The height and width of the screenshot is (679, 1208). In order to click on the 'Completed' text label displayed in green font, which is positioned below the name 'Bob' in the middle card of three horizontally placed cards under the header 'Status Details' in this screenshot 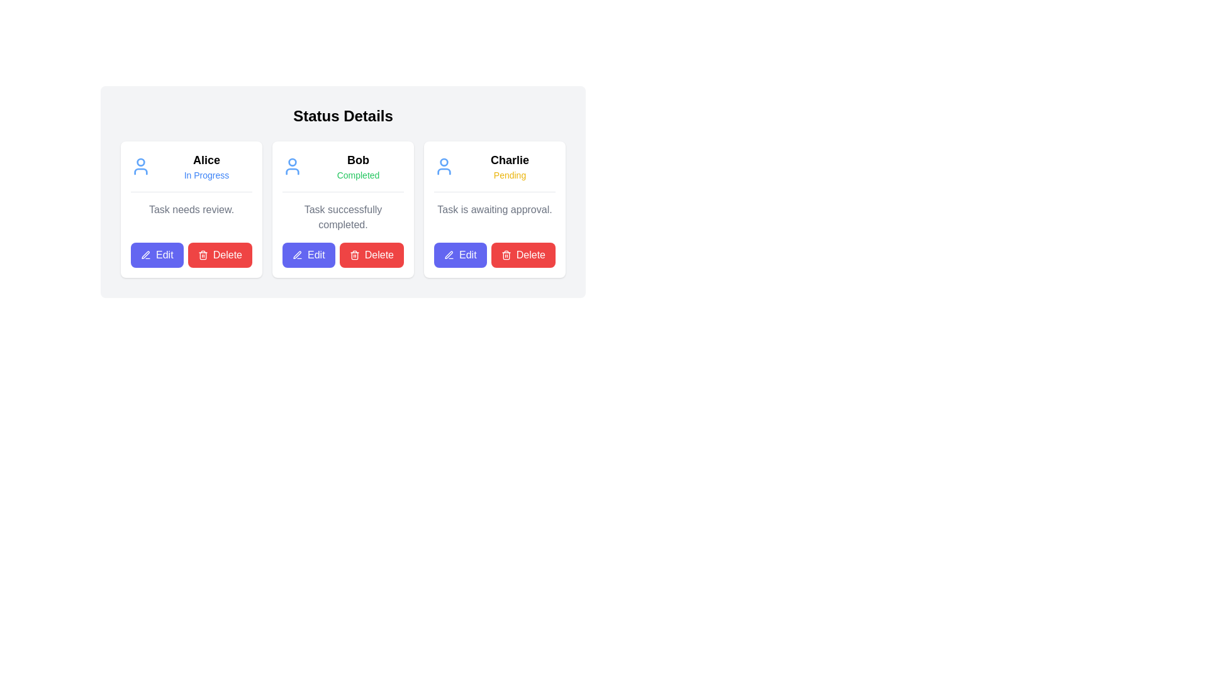, I will do `click(357, 175)`.